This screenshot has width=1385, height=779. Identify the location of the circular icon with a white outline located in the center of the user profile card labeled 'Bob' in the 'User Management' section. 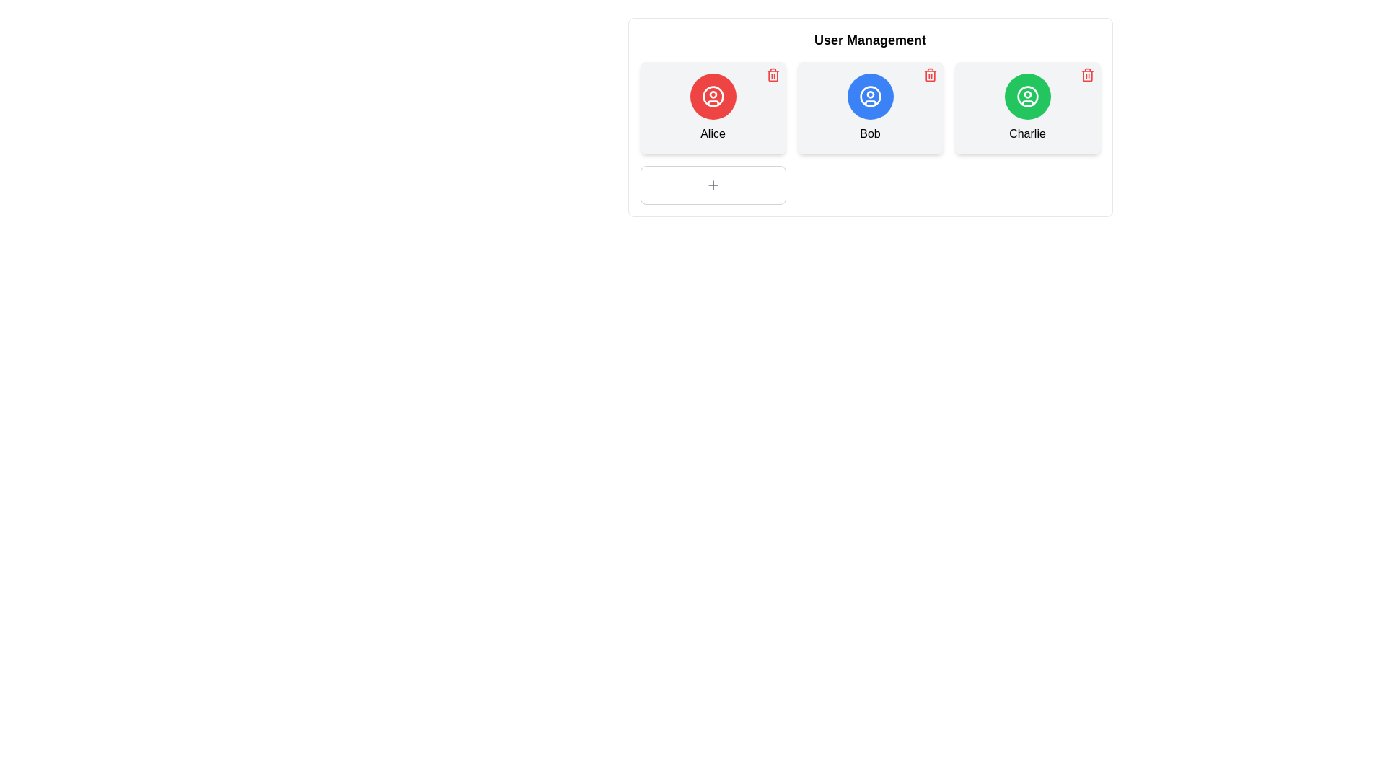
(869, 97).